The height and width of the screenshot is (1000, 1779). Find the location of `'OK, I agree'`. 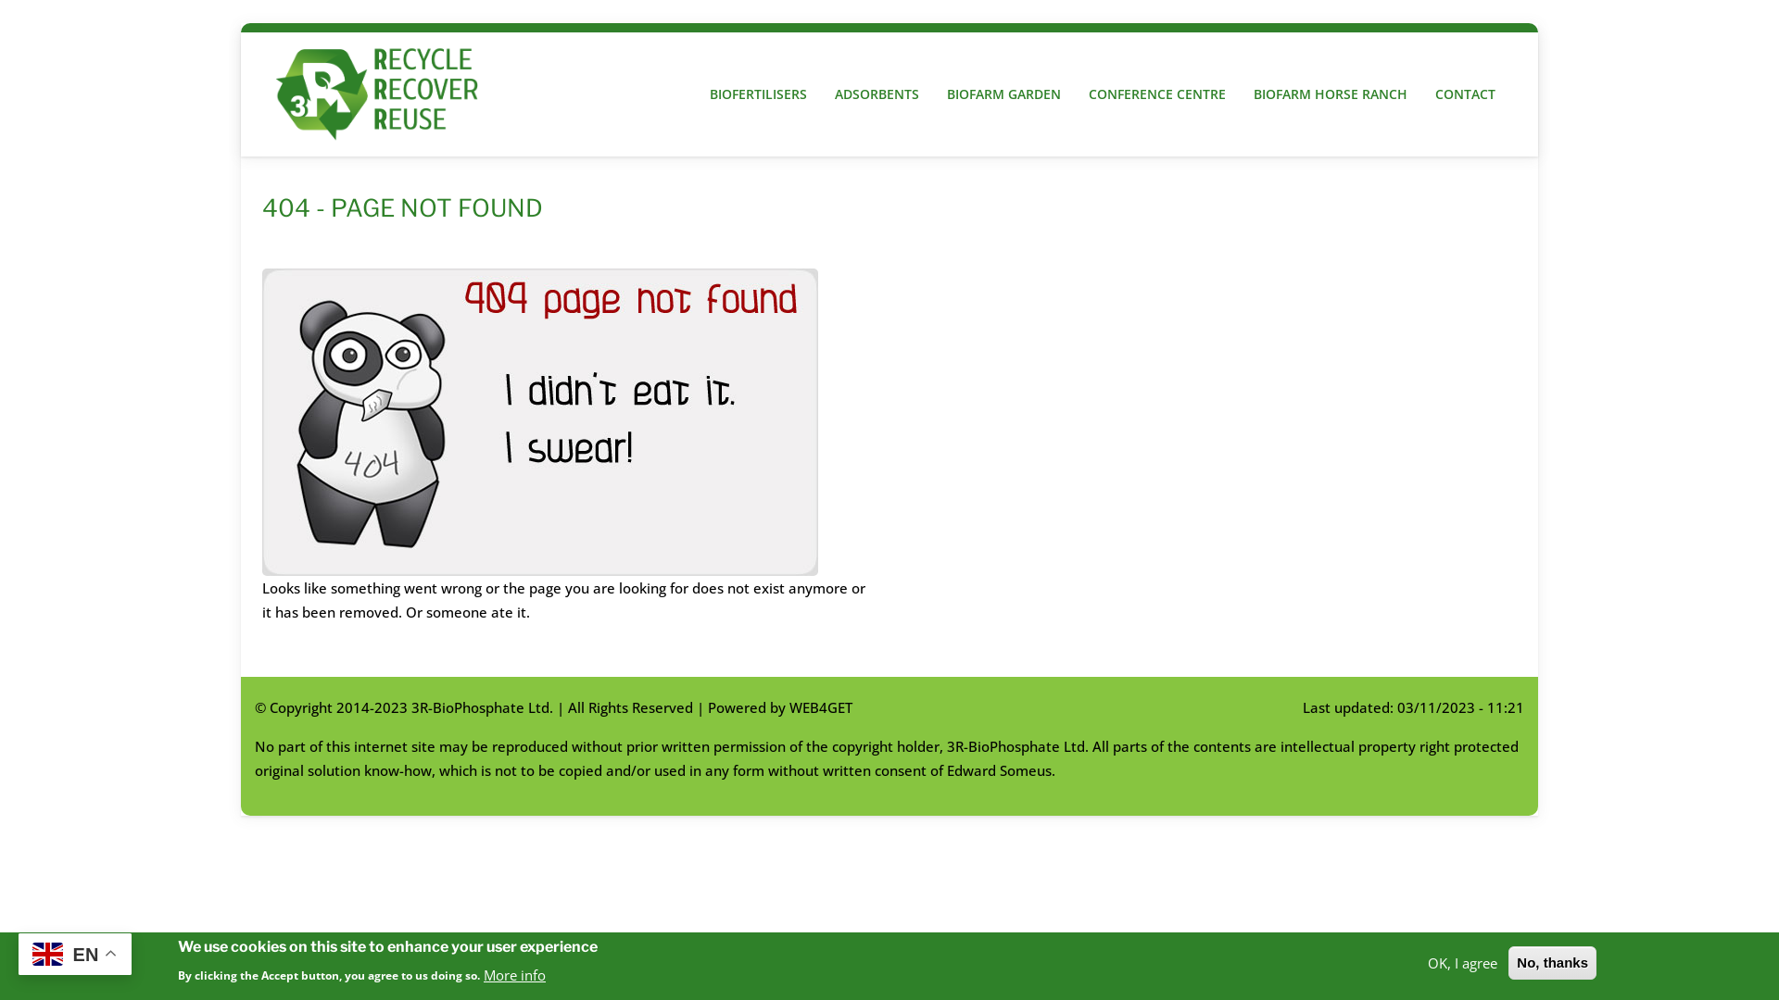

'OK, I agree' is located at coordinates (1461, 960).